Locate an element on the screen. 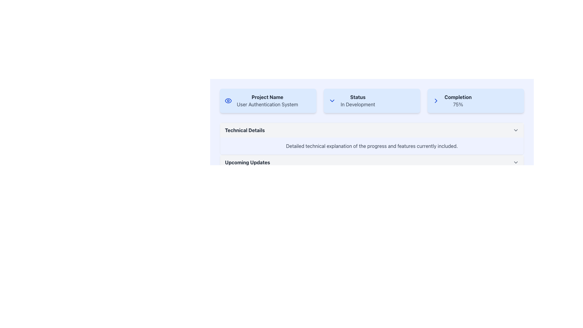  title 'Project Name' and description 'User Authentication System' from the Information Card with a light blue background located at the top-left of the group of cards is located at coordinates (268, 100).